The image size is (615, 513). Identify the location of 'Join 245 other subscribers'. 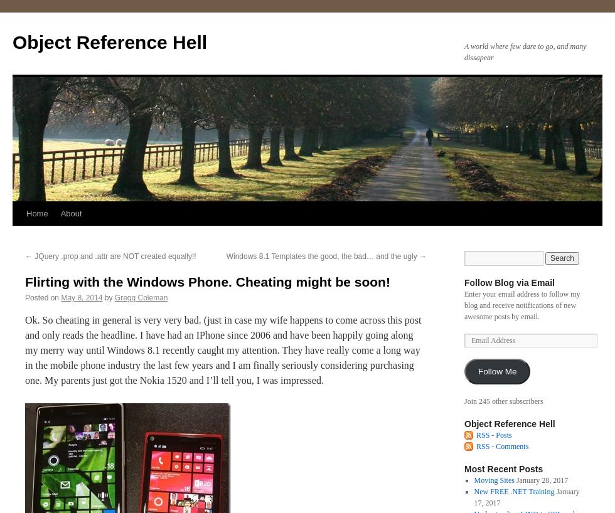
(464, 401).